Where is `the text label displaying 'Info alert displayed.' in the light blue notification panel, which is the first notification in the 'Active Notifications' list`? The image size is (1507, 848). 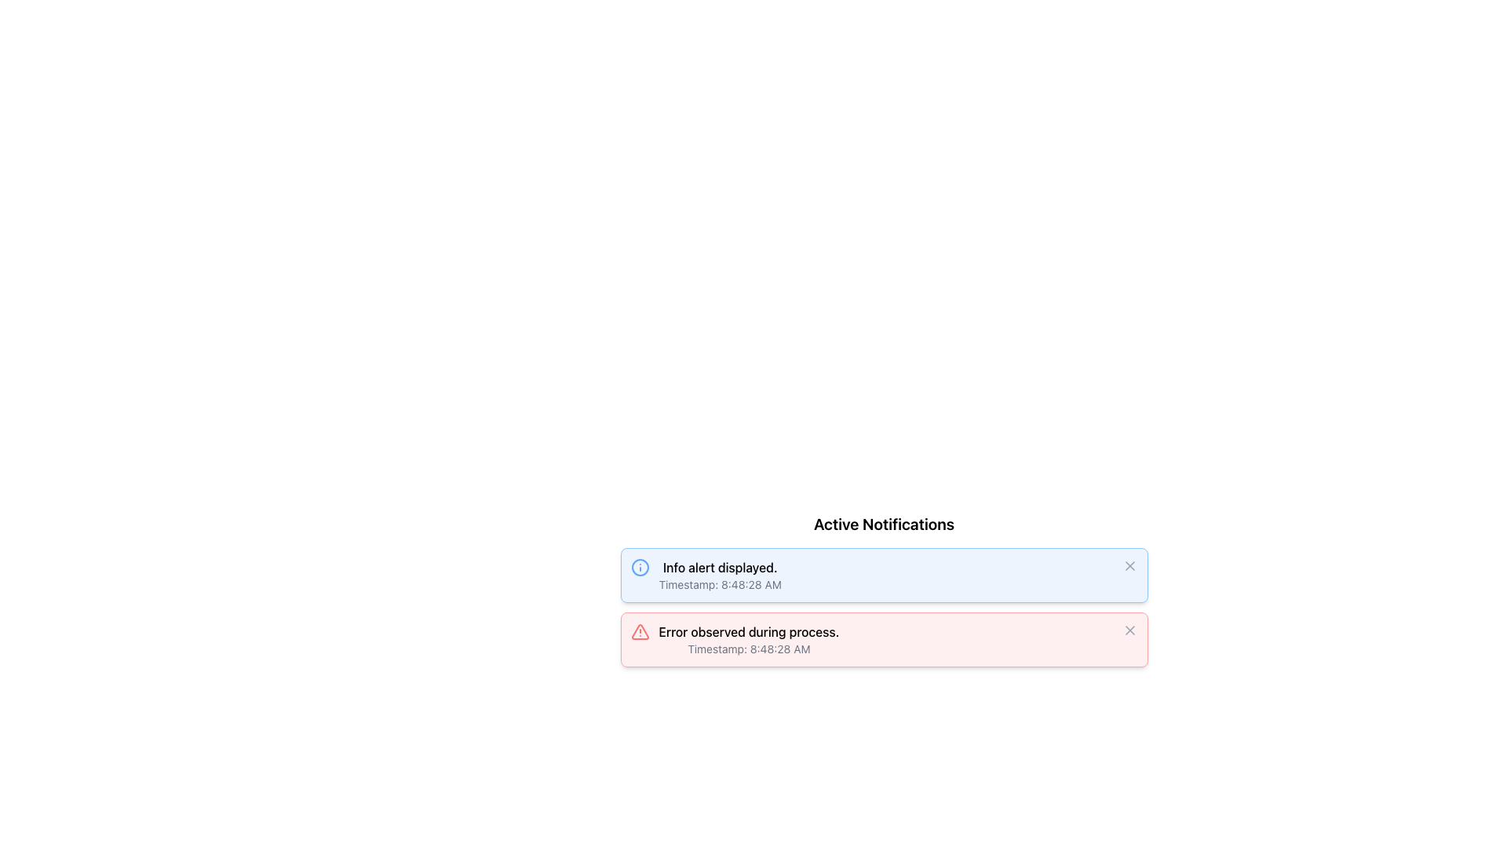 the text label displaying 'Info alert displayed.' in the light blue notification panel, which is the first notification in the 'Active Notifications' list is located at coordinates (719, 567).